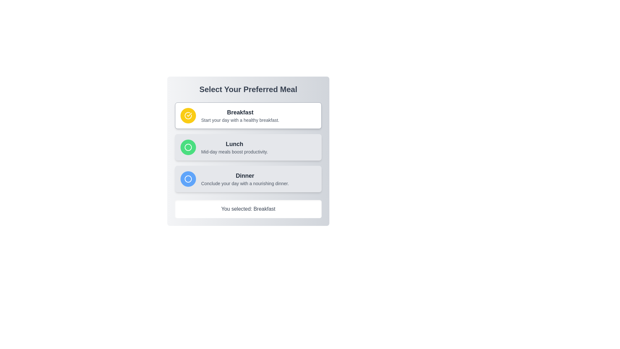 The width and height of the screenshot is (620, 349). Describe the element at coordinates (248, 209) in the screenshot. I see `feedback label located at the bottom of the interface, which indicates the user's selected meal option based on the dynamically updated text` at that location.